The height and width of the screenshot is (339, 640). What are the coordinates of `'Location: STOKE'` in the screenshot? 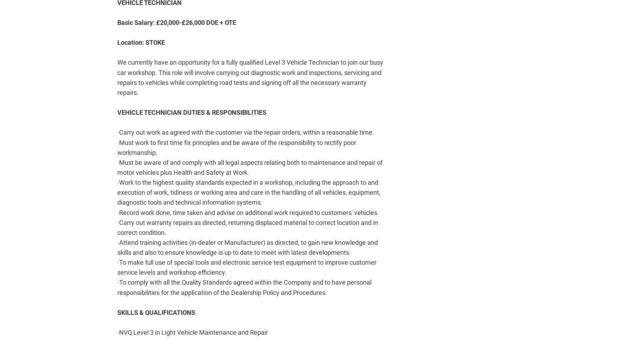 It's located at (141, 42).